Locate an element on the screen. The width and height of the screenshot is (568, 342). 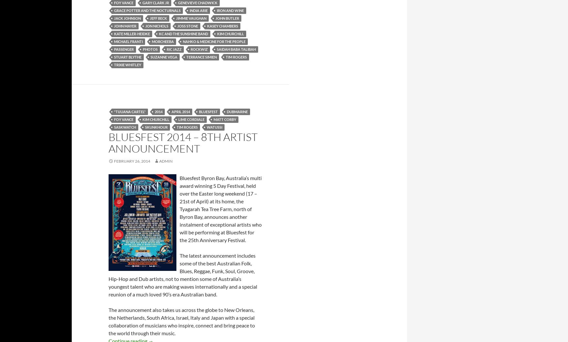
'Saskwatch' is located at coordinates (114, 127).